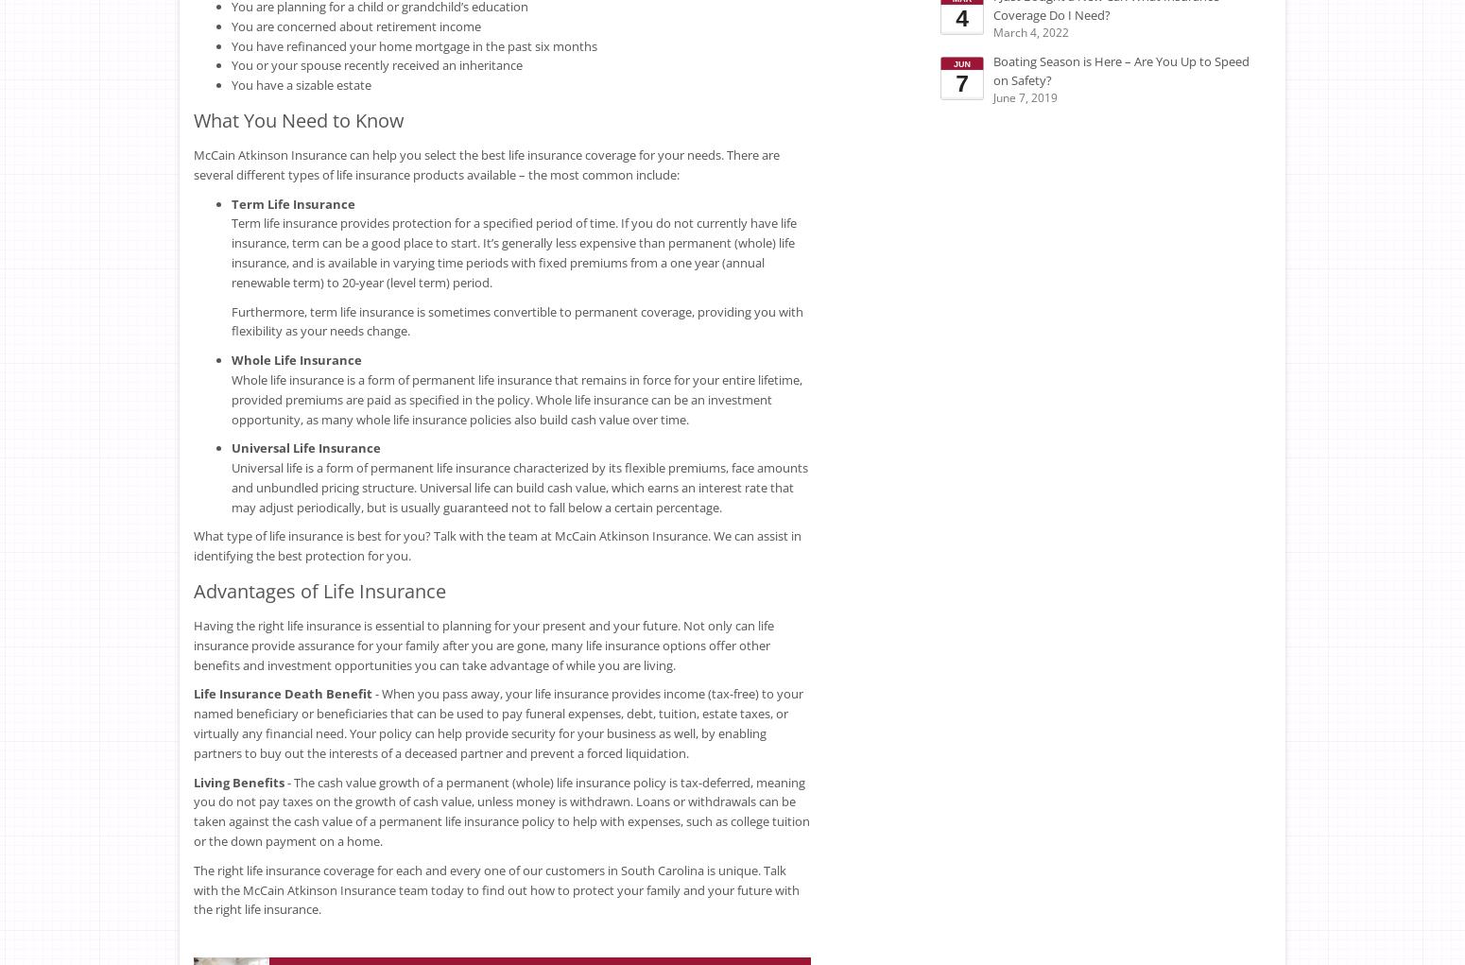 This screenshot has height=965, width=1465. I want to click on 'Advantages of Life Insurance', so click(193, 591).